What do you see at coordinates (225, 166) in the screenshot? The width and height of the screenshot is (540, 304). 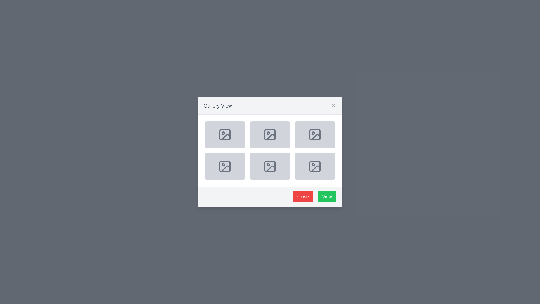 I see `the bottom-left icon in the gallery view, which serves as a visual indicator and is part of a 2x3 grid layout within a modal dialog box` at bounding box center [225, 166].